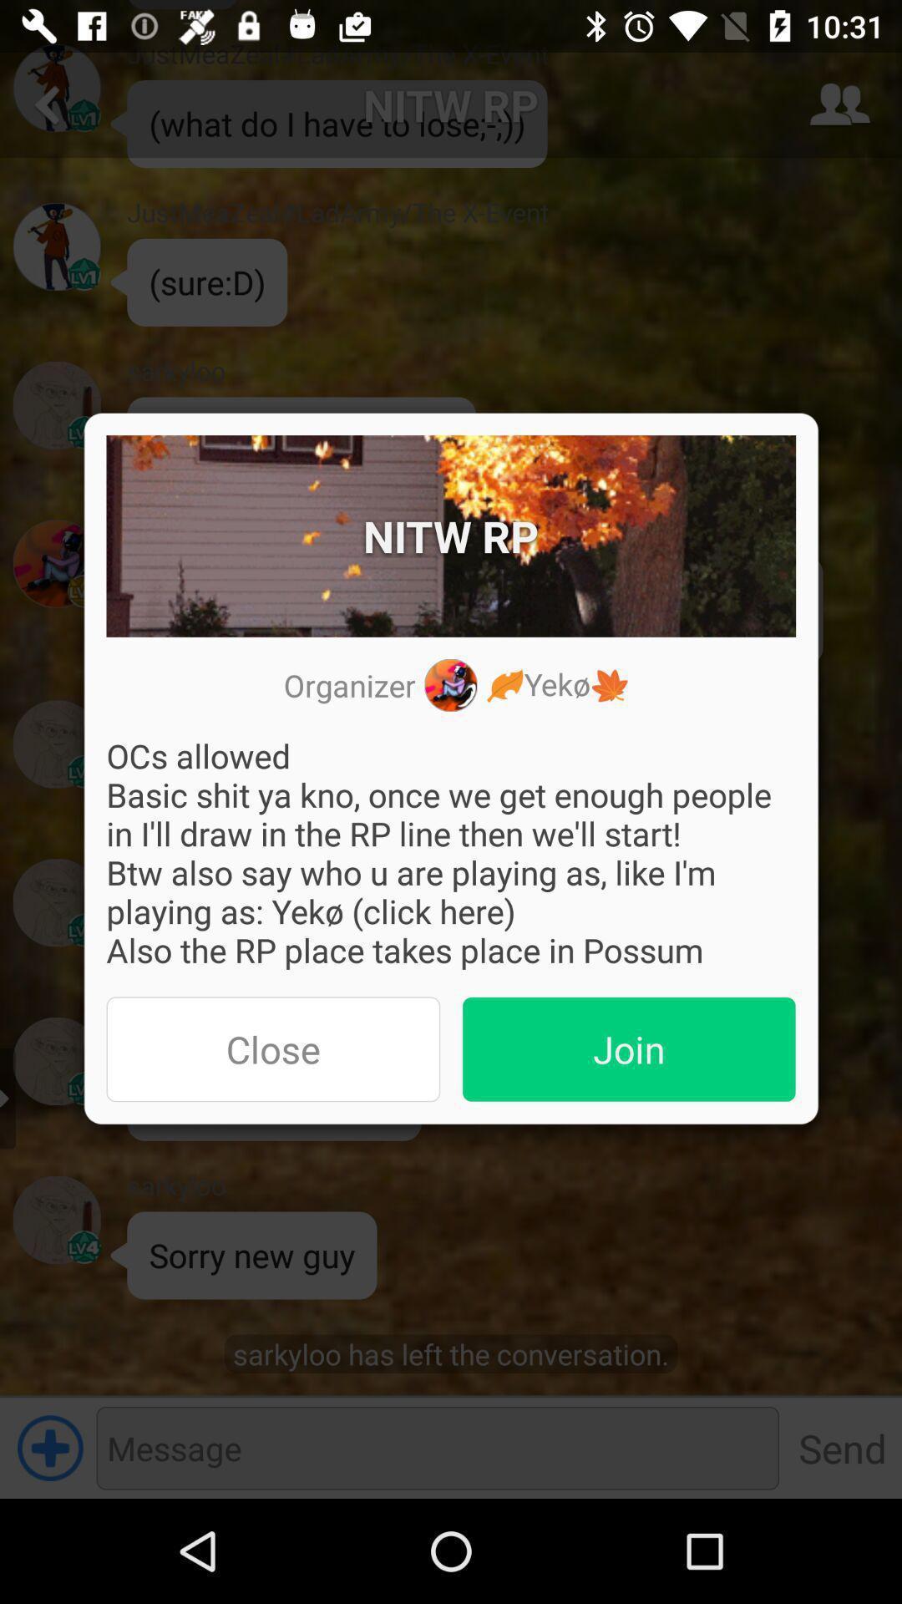 Image resolution: width=902 pixels, height=1604 pixels. What do you see at coordinates (272, 1048) in the screenshot?
I see `the close item` at bounding box center [272, 1048].